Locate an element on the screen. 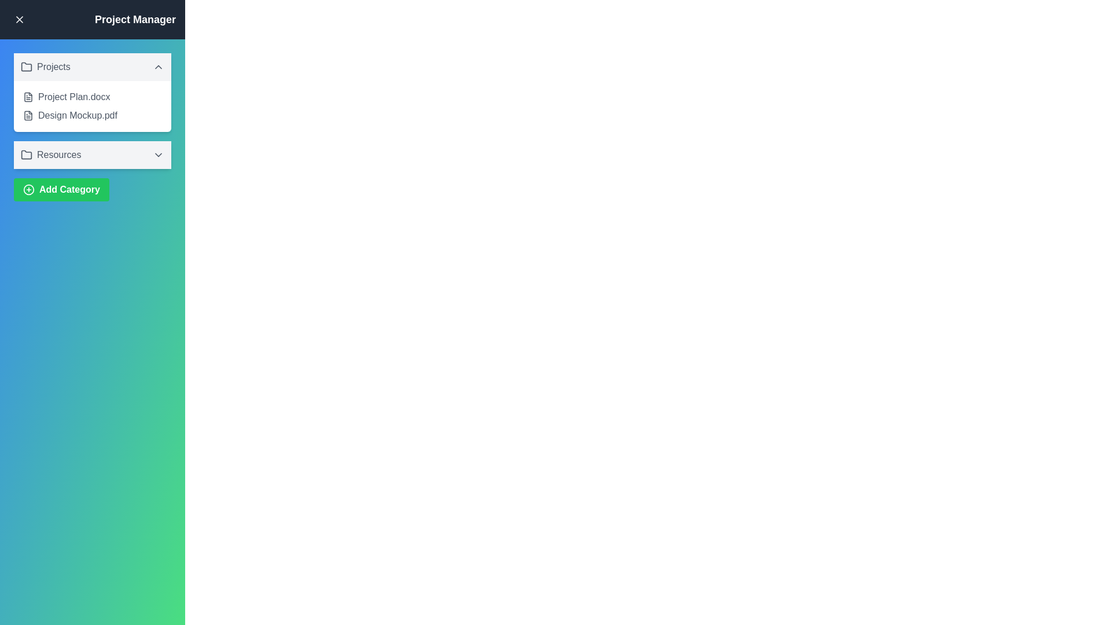 This screenshot has height=625, width=1111. the close button located at the top left corner of the panel, to the left of the text 'Project Manager' is located at coordinates (19, 20).